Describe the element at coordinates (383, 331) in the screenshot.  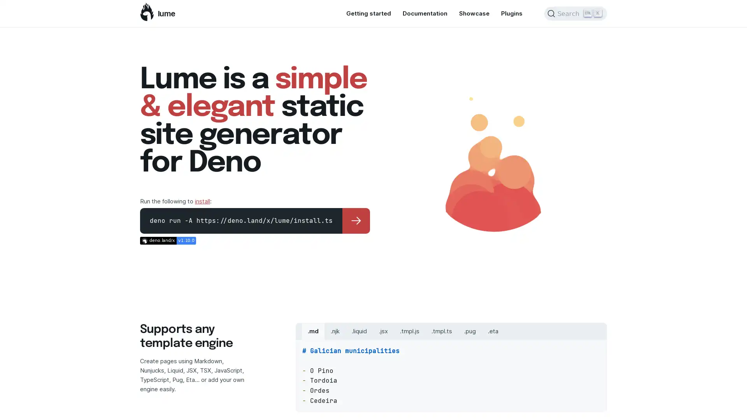
I see `.jsx` at that location.